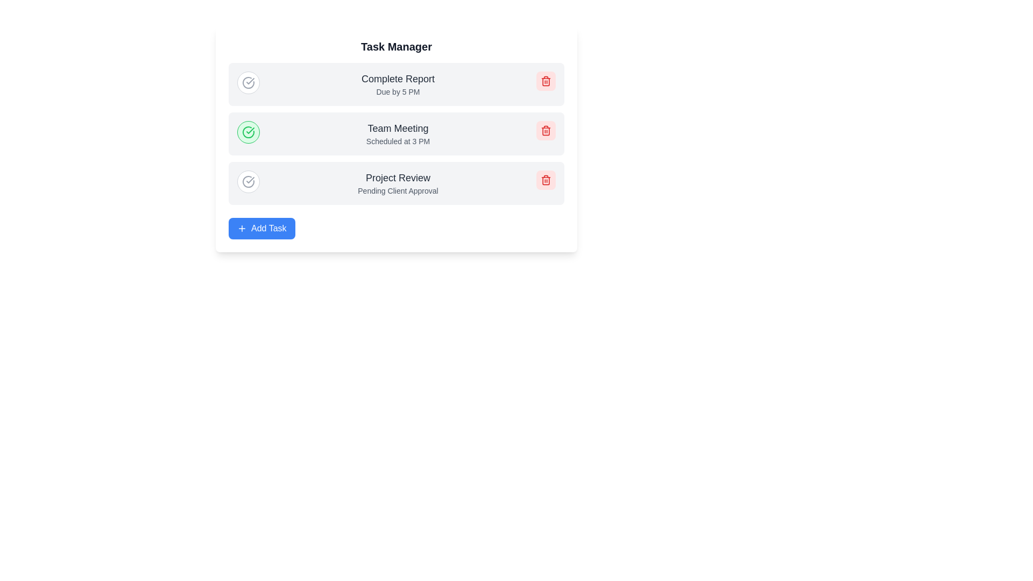 The width and height of the screenshot is (1033, 581). Describe the element at coordinates (397, 140) in the screenshot. I see `the text label displaying 'Scheduled at 3 PM' located beneath the 'Team Meeting' title in the task management interface` at that location.